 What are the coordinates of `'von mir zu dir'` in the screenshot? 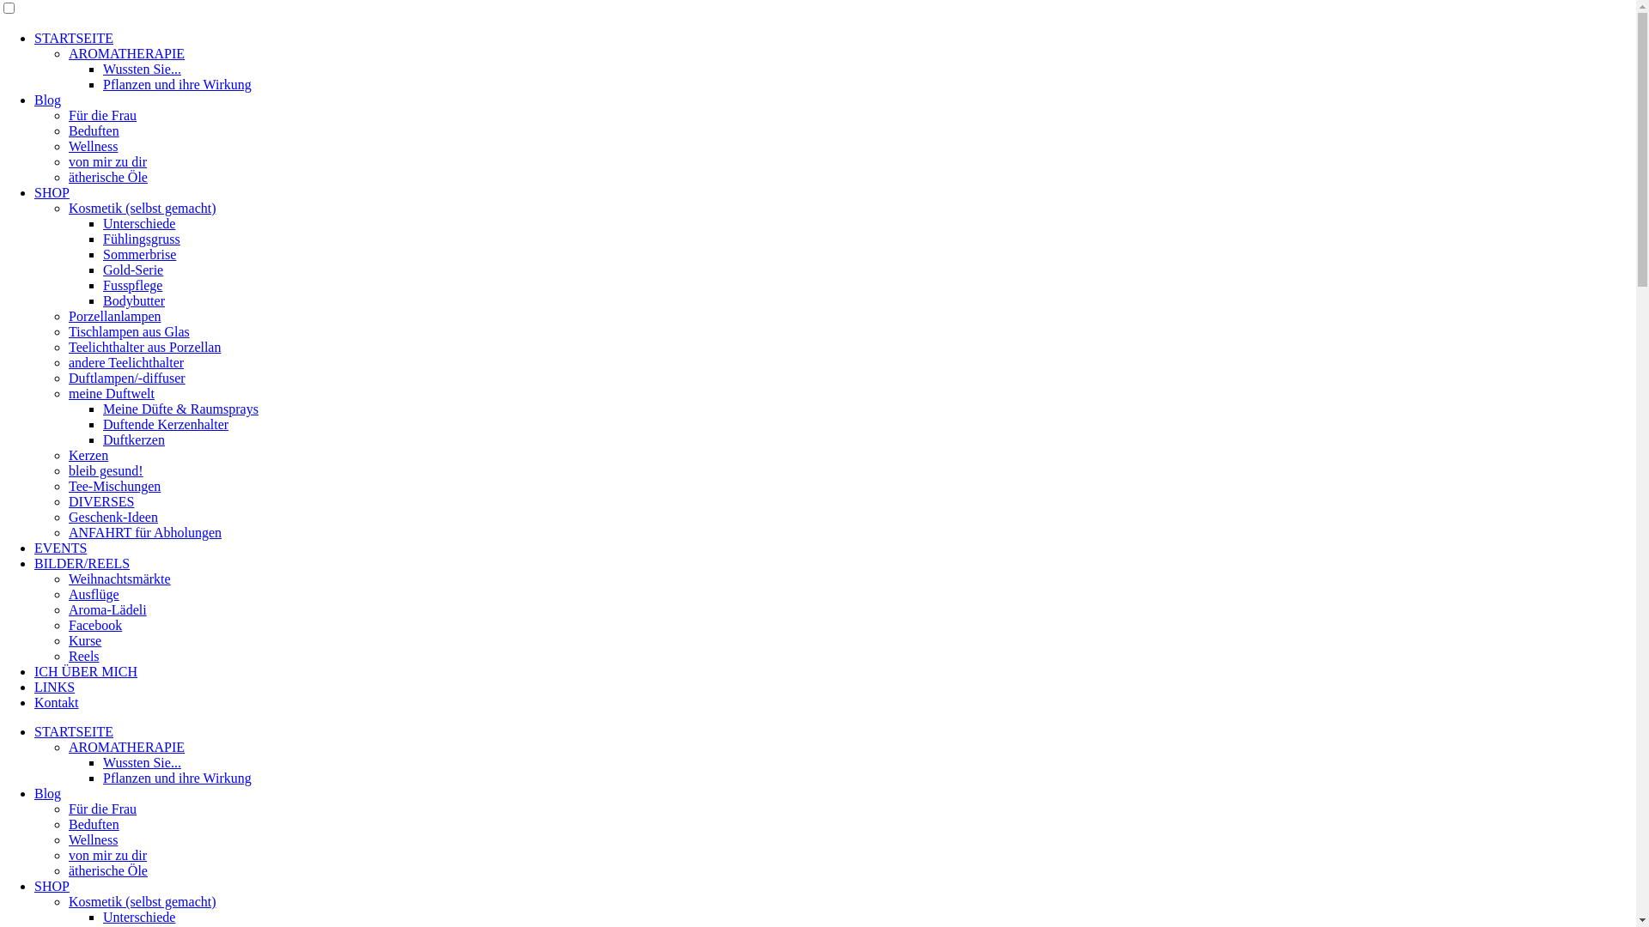 It's located at (106, 855).